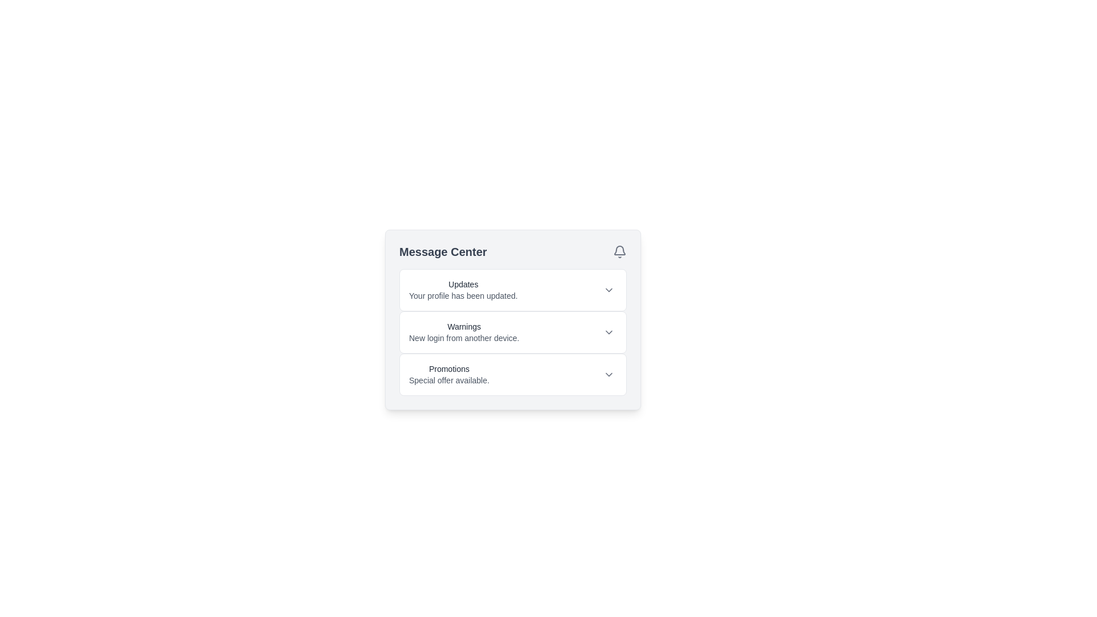 This screenshot has height=617, width=1097. What do you see at coordinates (449, 368) in the screenshot?
I see `the section header text label for promotions or special offers, which is the third entry in the list under 'Message Center'` at bounding box center [449, 368].